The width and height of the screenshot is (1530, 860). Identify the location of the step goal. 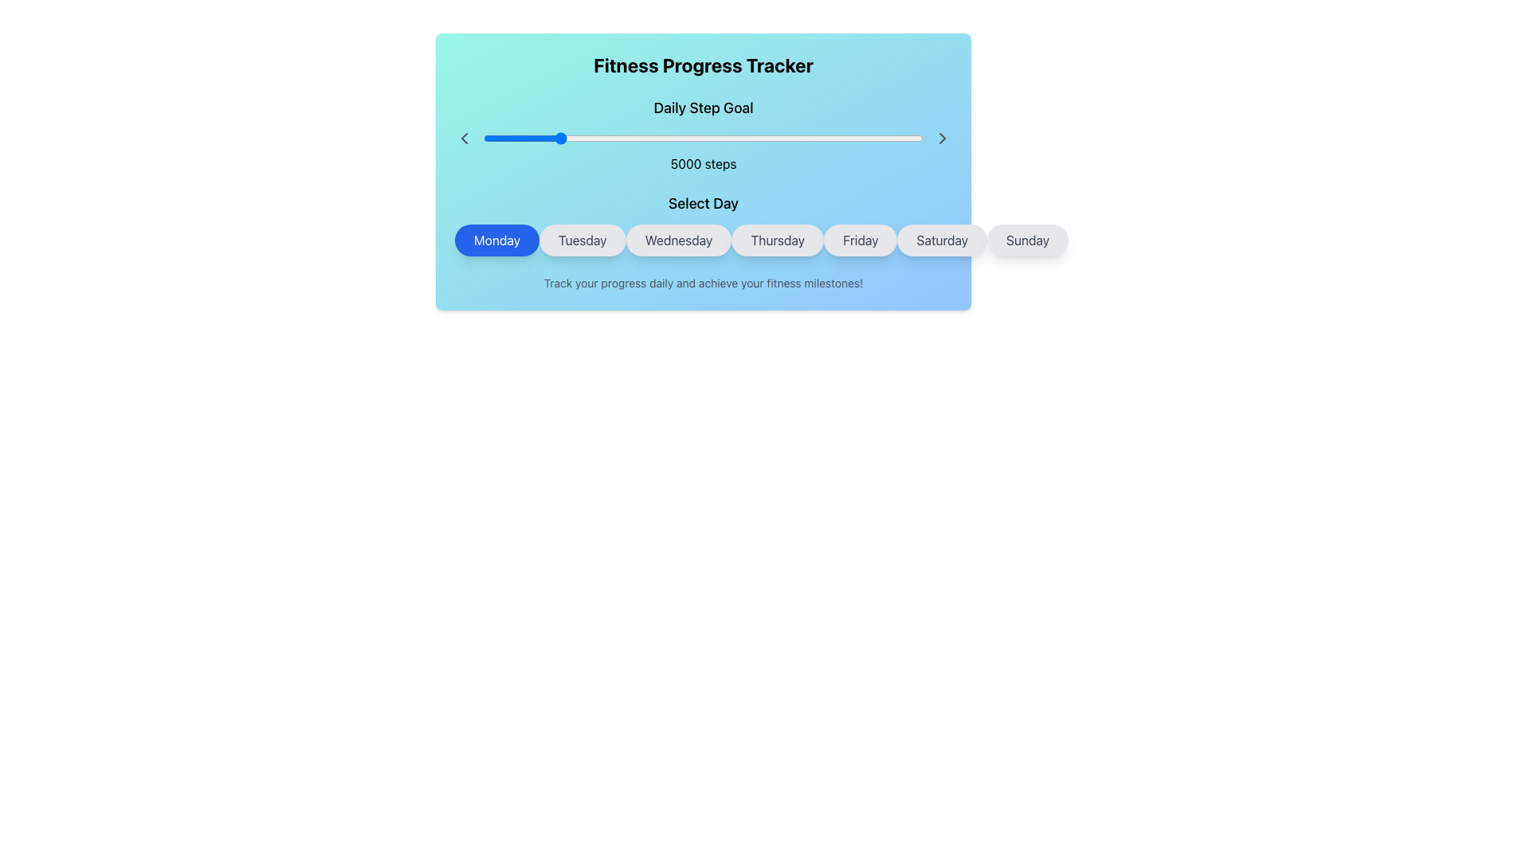
(773, 137).